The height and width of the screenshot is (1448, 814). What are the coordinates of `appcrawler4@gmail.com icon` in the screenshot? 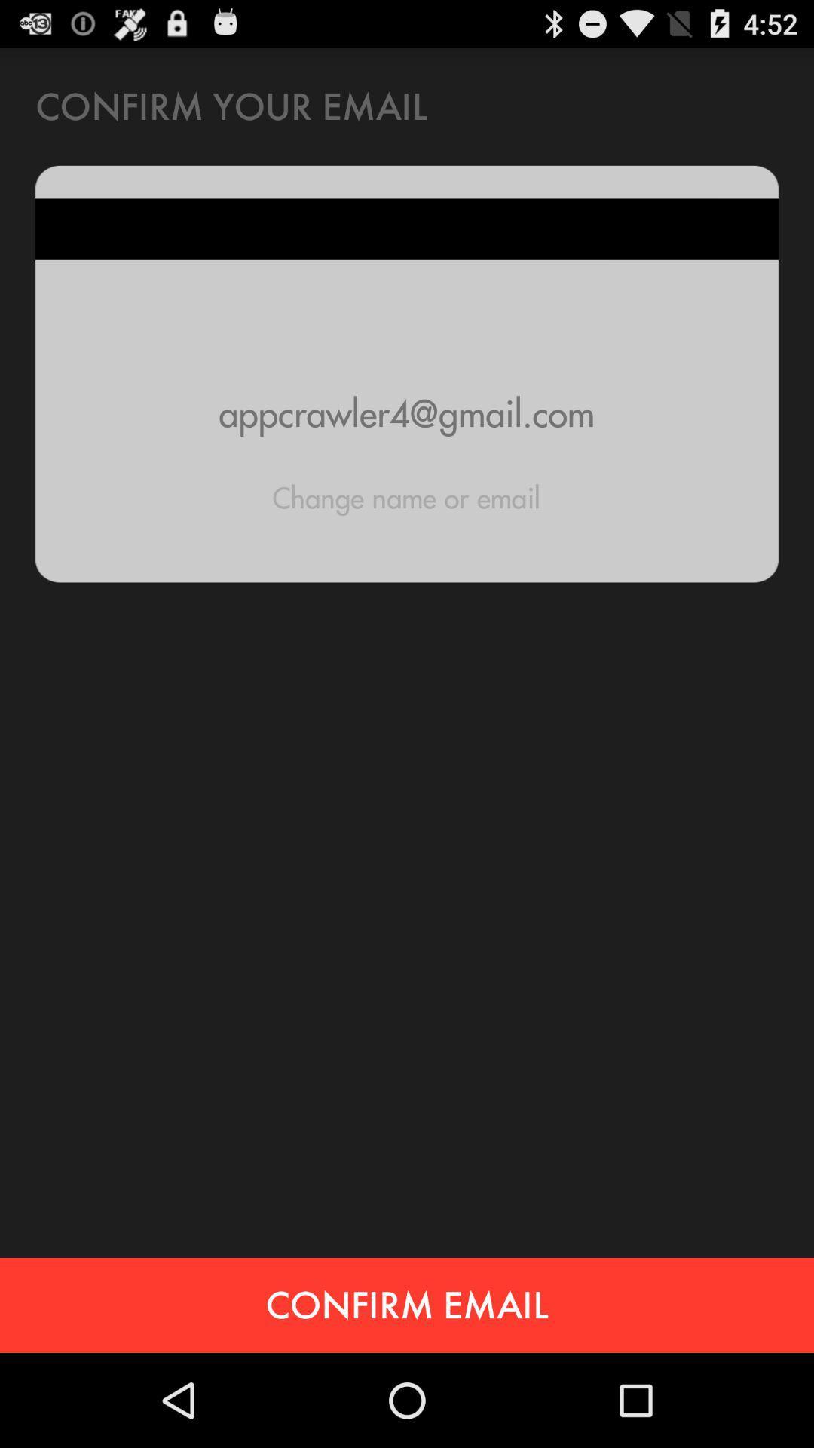 It's located at (407, 413).